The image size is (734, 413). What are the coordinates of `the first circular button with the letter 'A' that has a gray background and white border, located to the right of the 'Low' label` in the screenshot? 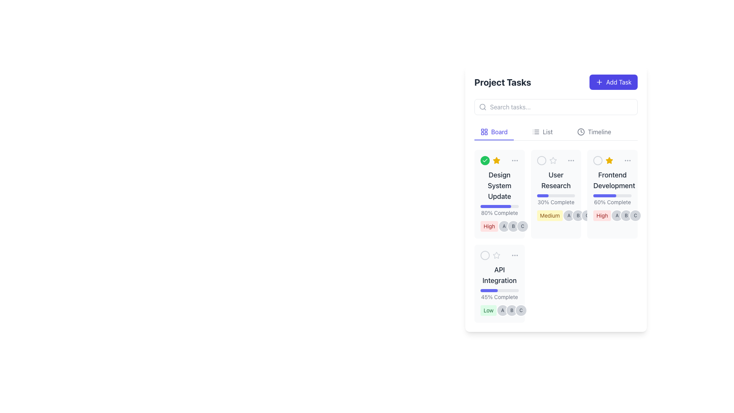 It's located at (499, 311).